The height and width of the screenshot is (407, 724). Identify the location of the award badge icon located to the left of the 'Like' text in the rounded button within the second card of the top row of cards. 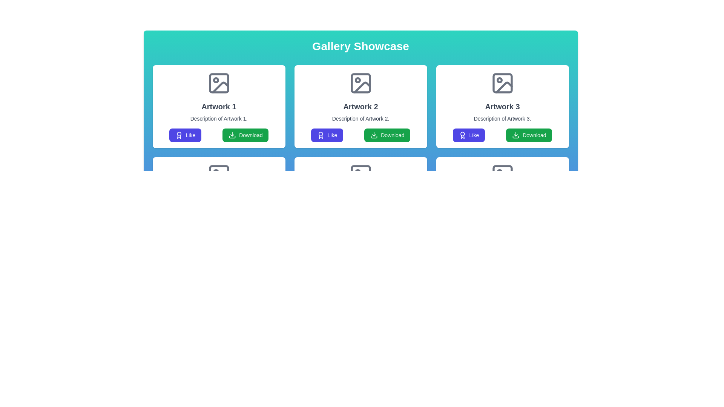
(321, 135).